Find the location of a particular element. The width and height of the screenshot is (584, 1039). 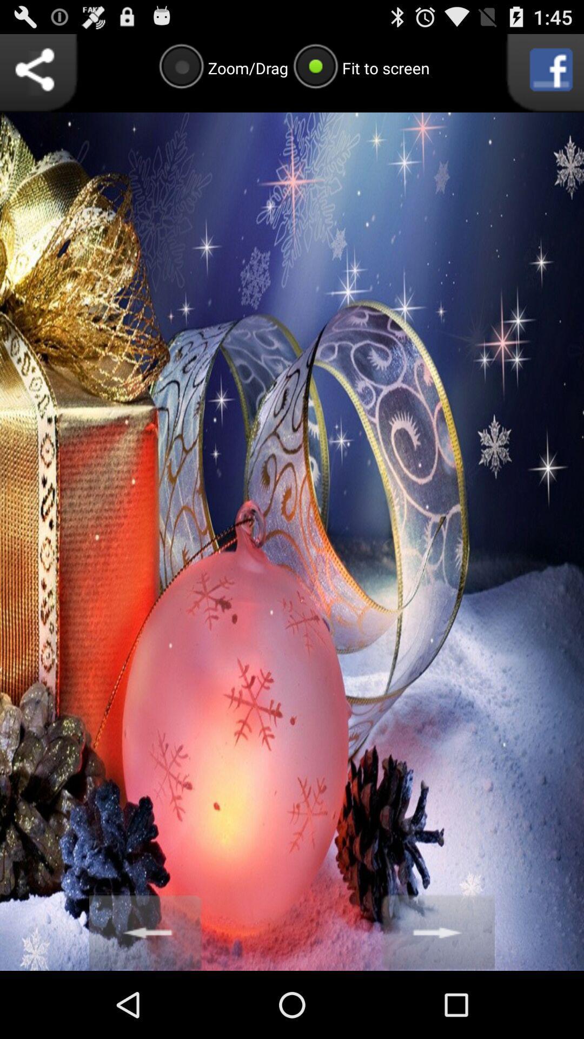

the share icon is located at coordinates (38, 77).